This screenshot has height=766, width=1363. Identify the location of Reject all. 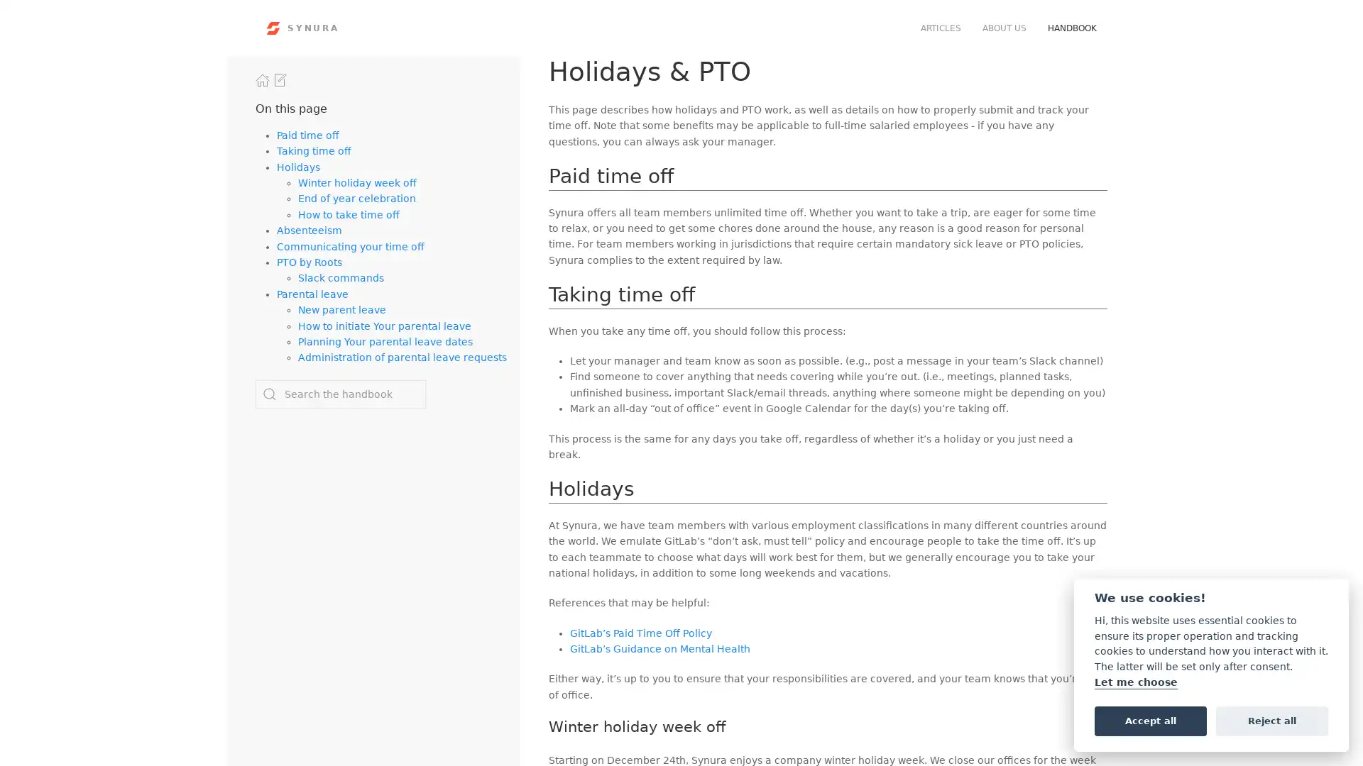
(1271, 720).